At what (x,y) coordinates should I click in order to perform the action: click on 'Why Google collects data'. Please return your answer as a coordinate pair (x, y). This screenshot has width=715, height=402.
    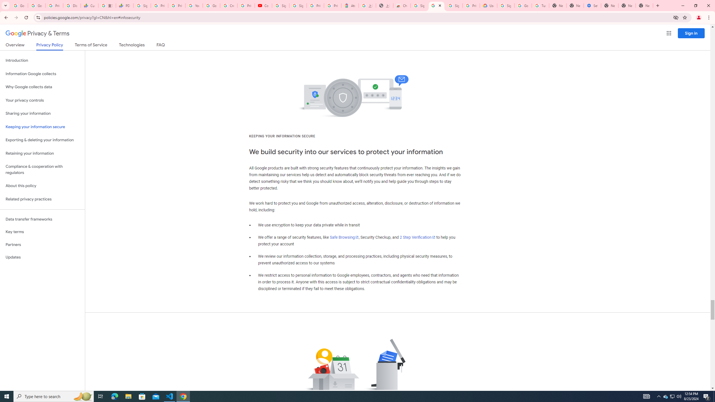
    Looking at the image, I should click on (42, 87).